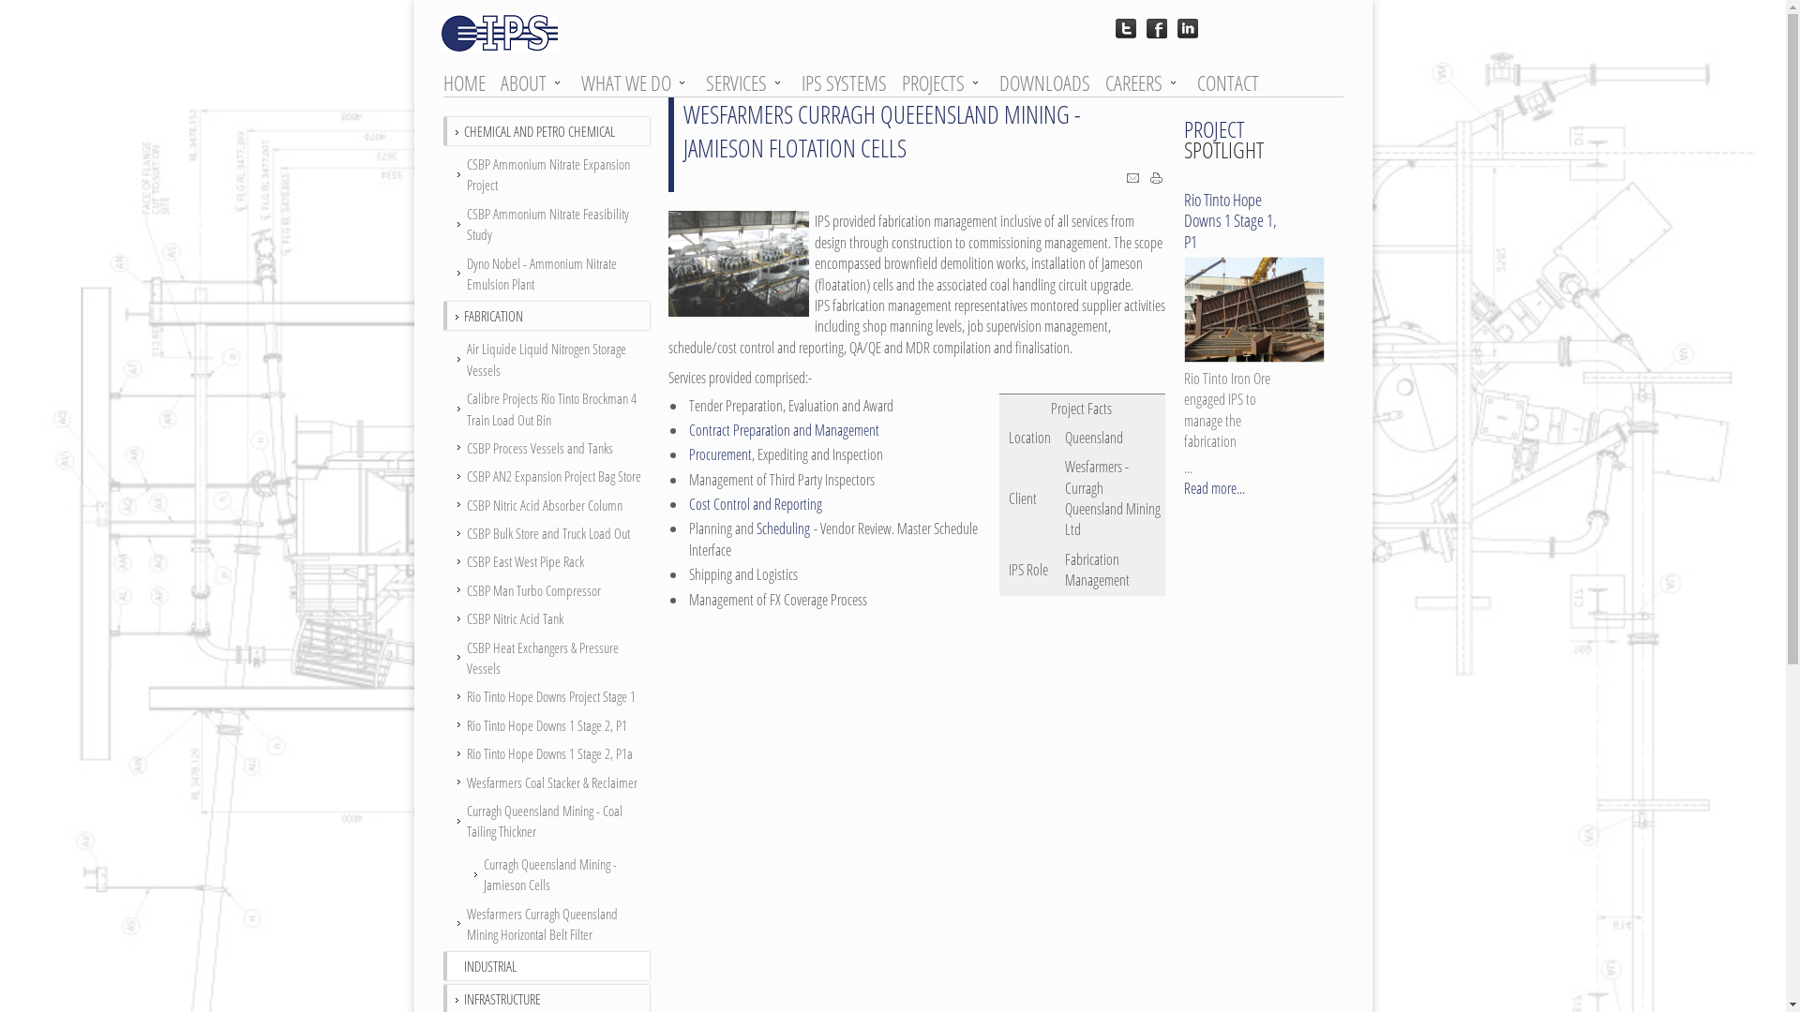 This screenshot has height=1012, width=1800. What do you see at coordinates (718, 454) in the screenshot?
I see `'Procurement'` at bounding box center [718, 454].